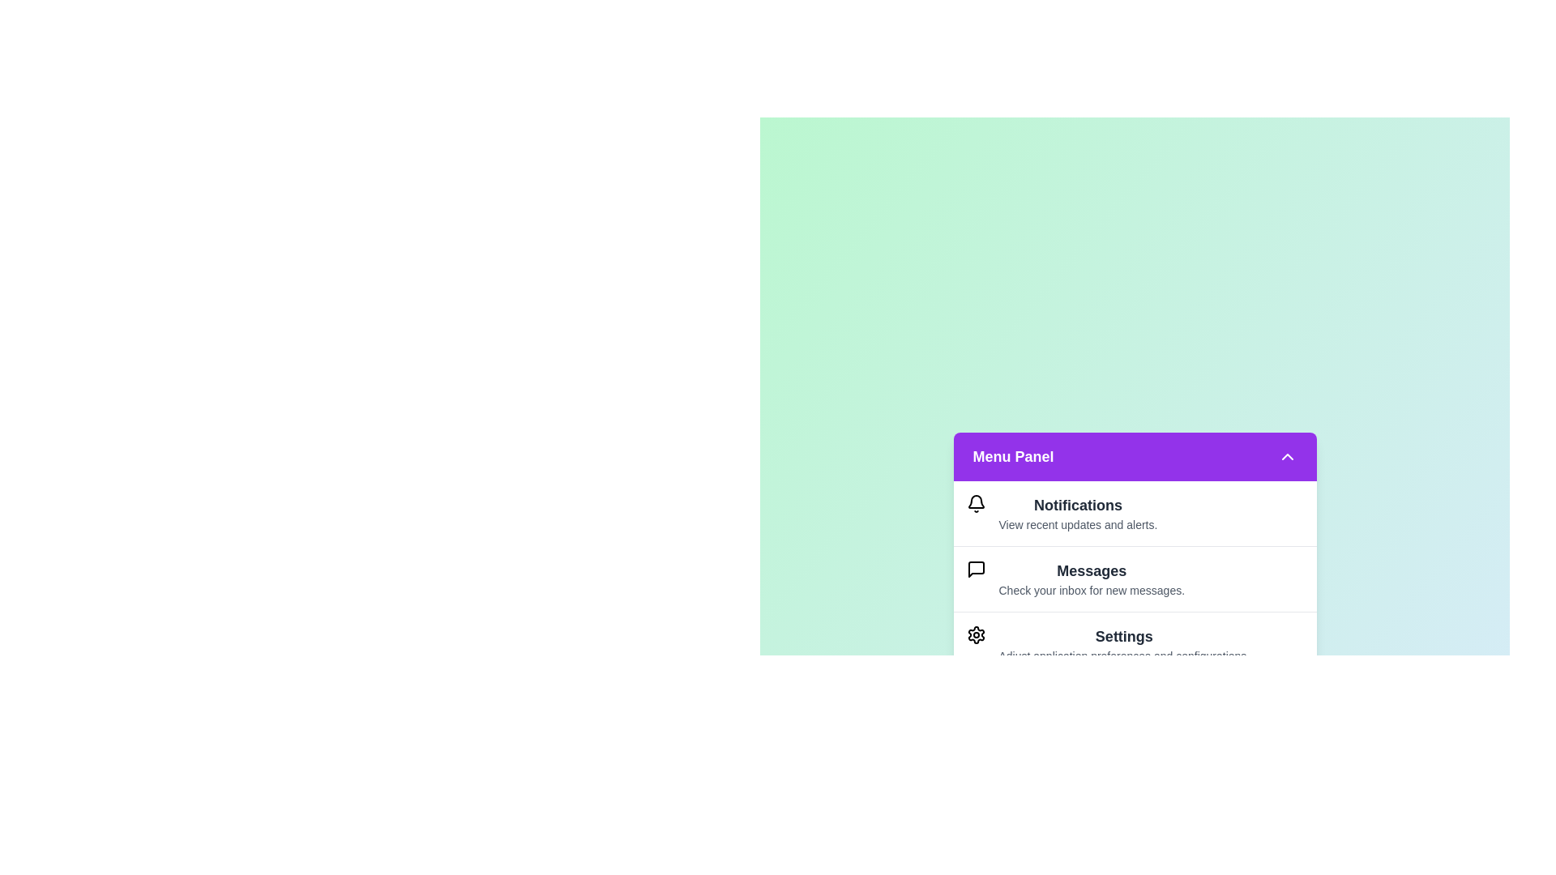 The height and width of the screenshot is (875, 1556). Describe the element at coordinates (975, 502) in the screenshot. I see `the icon of the menu item Notifications` at that location.